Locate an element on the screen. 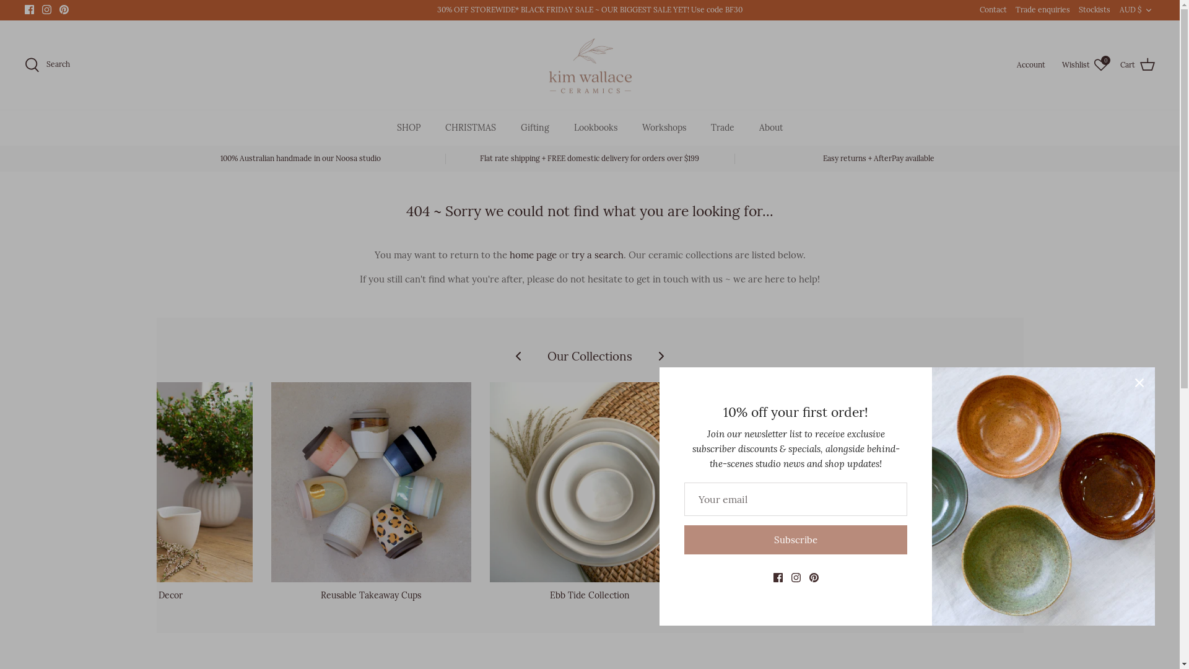 This screenshot has width=1189, height=669. 'home page' is located at coordinates (532, 254).